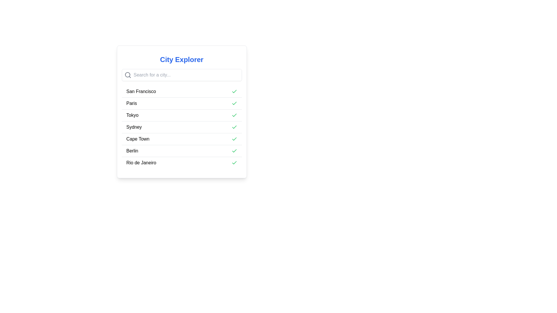  What do you see at coordinates (138, 139) in the screenshot?
I see `the text label displaying 'Cape Town', which is the fifth item in the list of city names within the 'City Explorer' panel` at bounding box center [138, 139].